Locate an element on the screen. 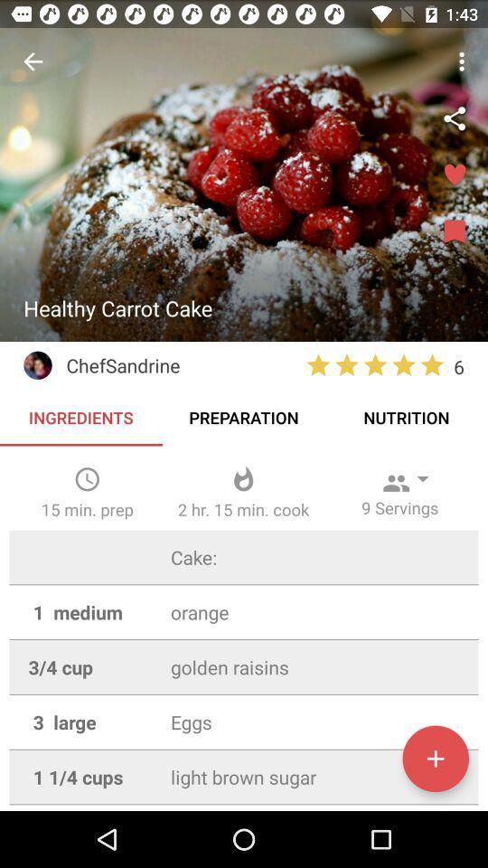 The width and height of the screenshot is (488, 868). go back is located at coordinates (33, 61).